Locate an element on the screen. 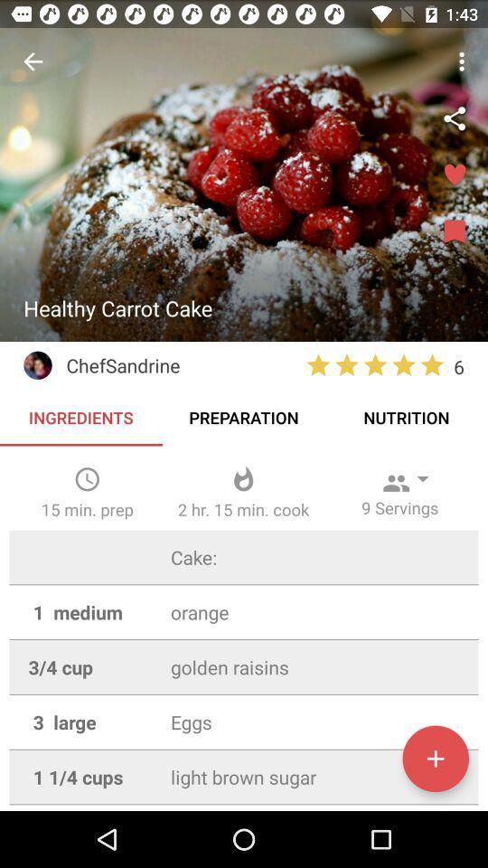 The width and height of the screenshot is (488, 868). go back is located at coordinates (33, 61).